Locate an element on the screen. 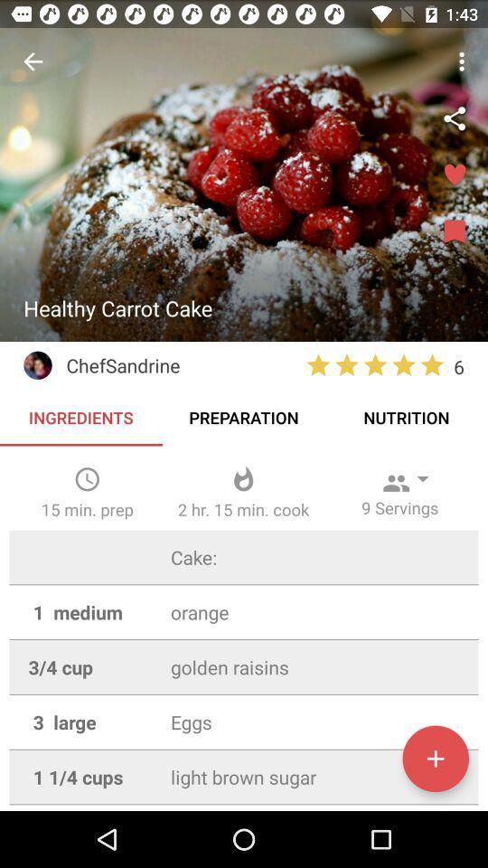 The width and height of the screenshot is (488, 868). go back is located at coordinates (33, 61).